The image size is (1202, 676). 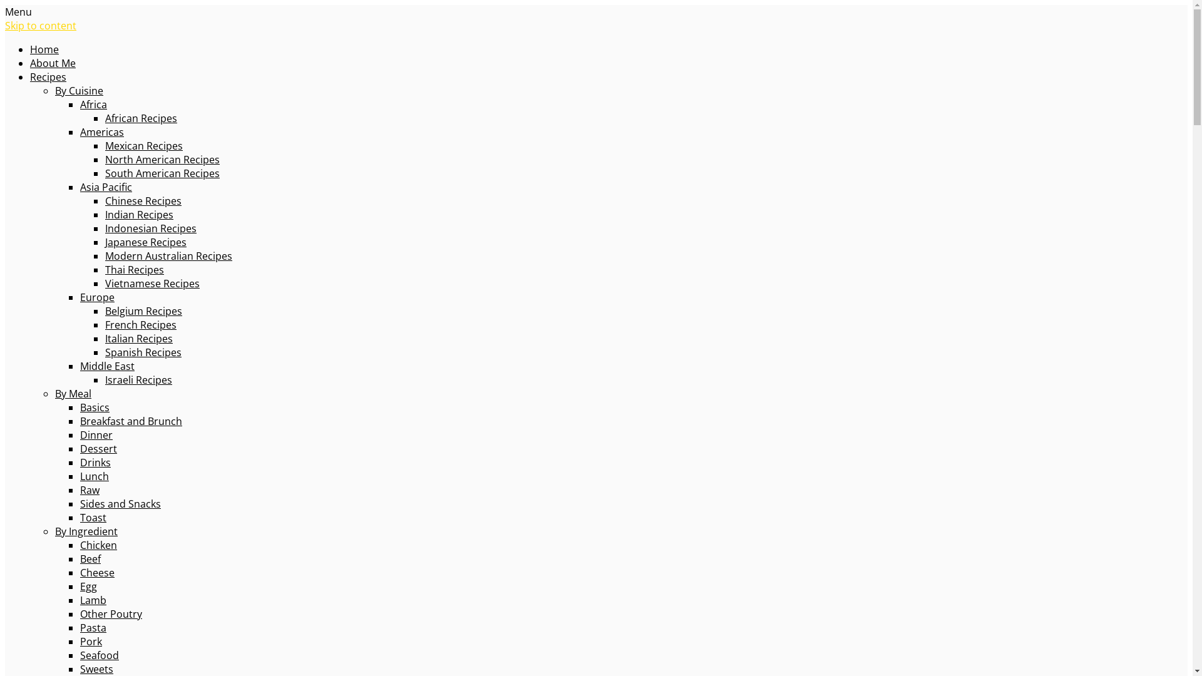 I want to click on 'Spanish Recipes', so click(x=143, y=352).